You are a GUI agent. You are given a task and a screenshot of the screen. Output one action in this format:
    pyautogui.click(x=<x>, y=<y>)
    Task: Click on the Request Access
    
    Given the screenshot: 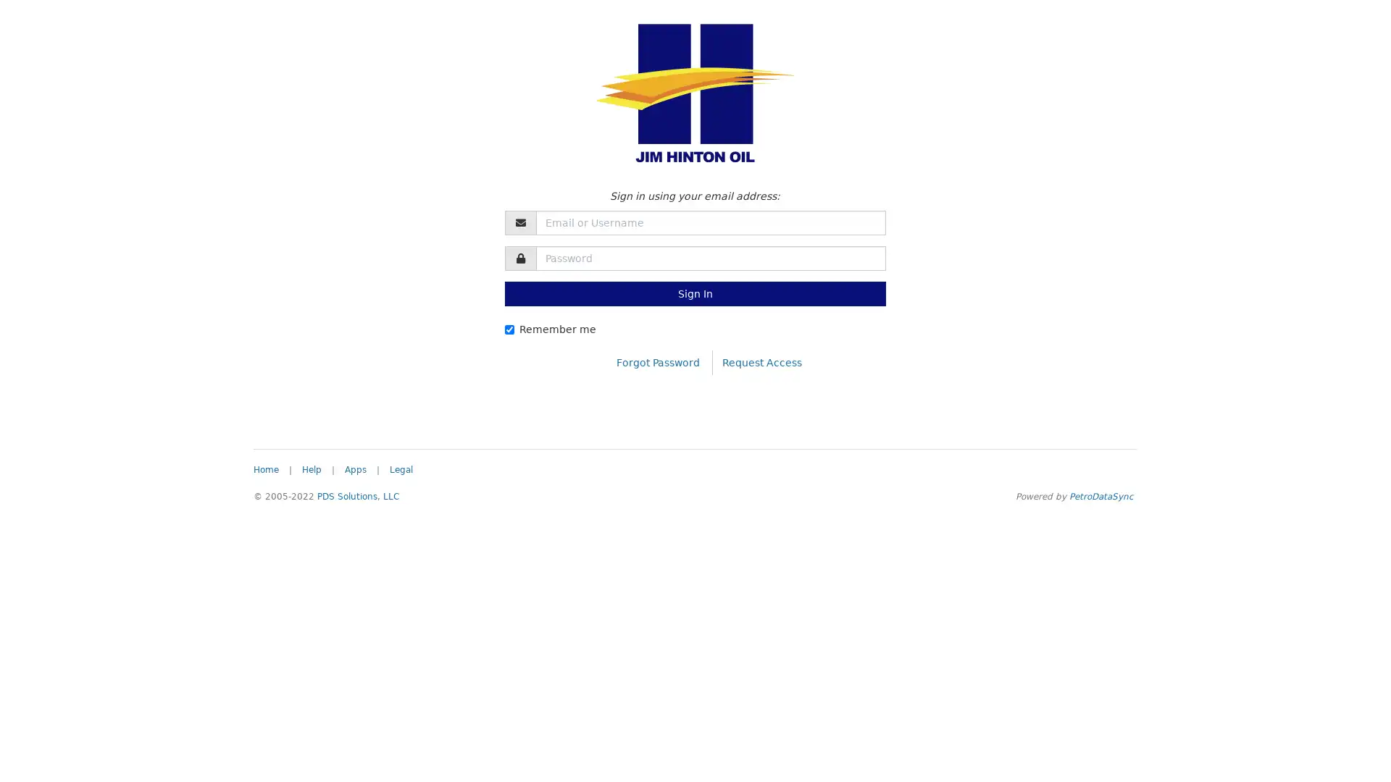 What is the action you would take?
    pyautogui.click(x=761, y=361)
    